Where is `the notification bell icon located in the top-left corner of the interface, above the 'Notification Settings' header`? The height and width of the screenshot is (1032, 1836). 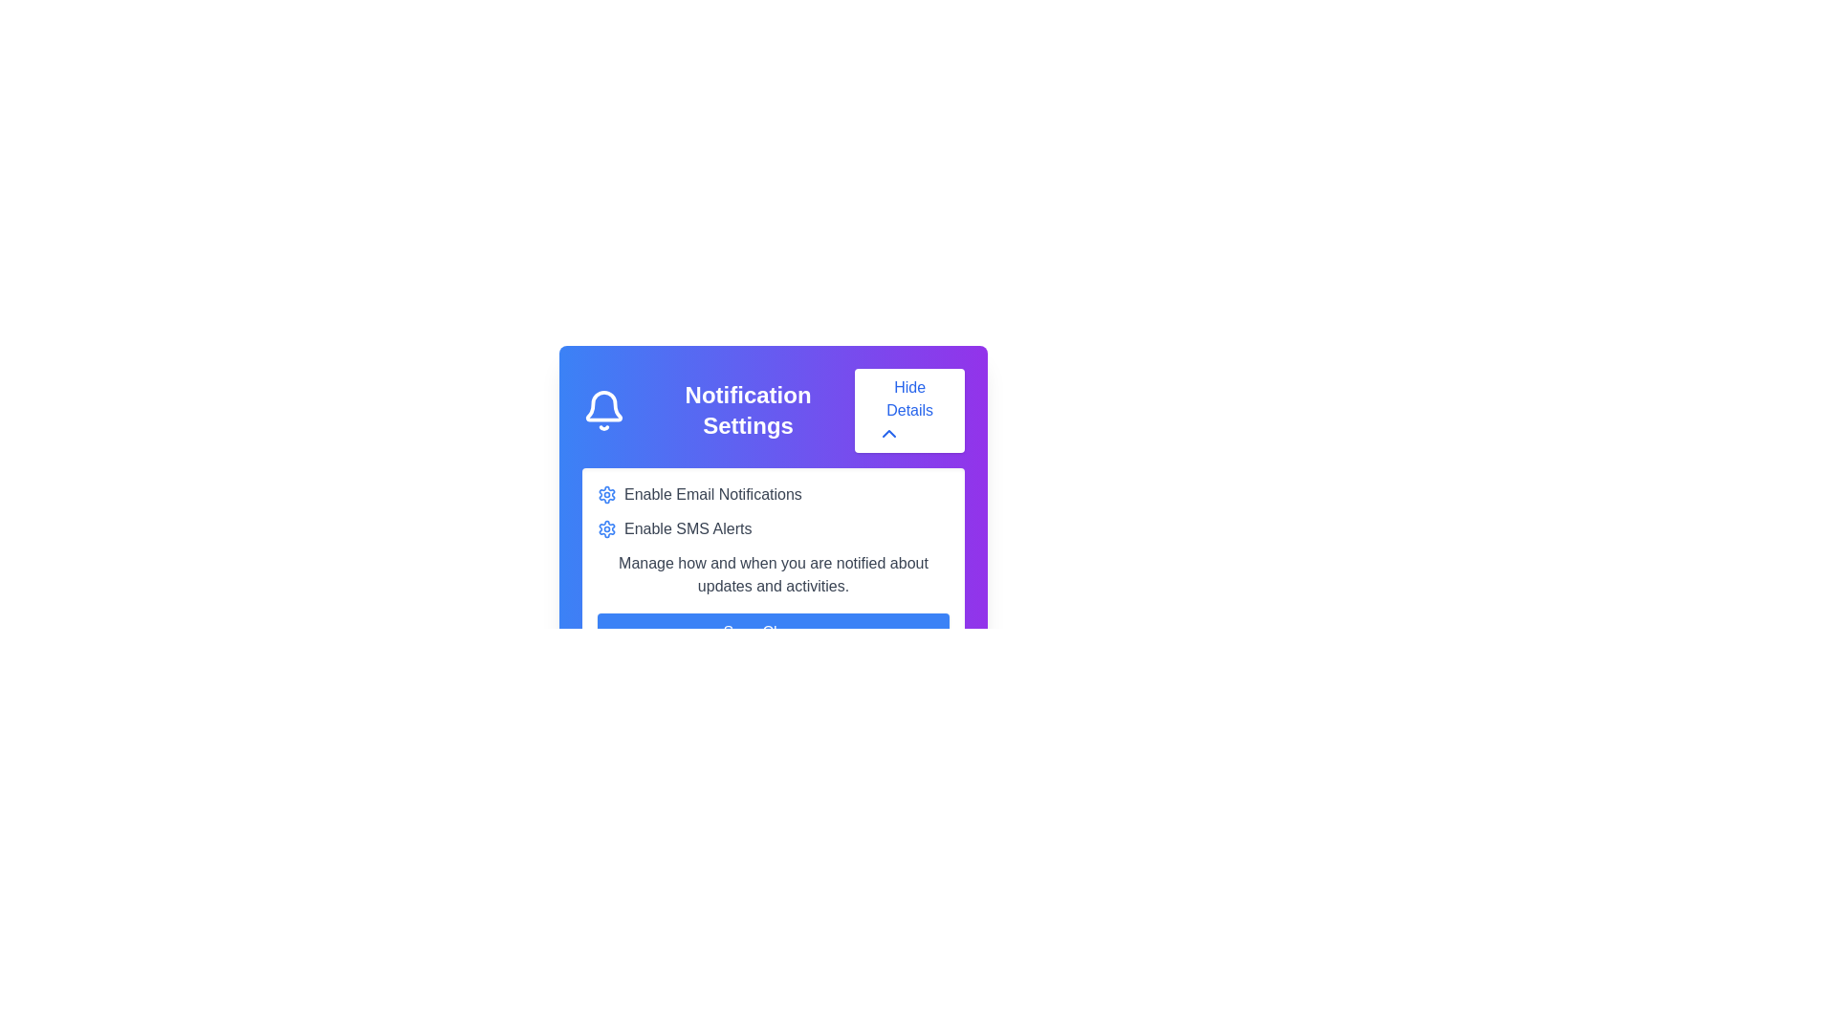 the notification bell icon located in the top-left corner of the interface, above the 'Notification Settings' header is located at coordinates (603, 405).